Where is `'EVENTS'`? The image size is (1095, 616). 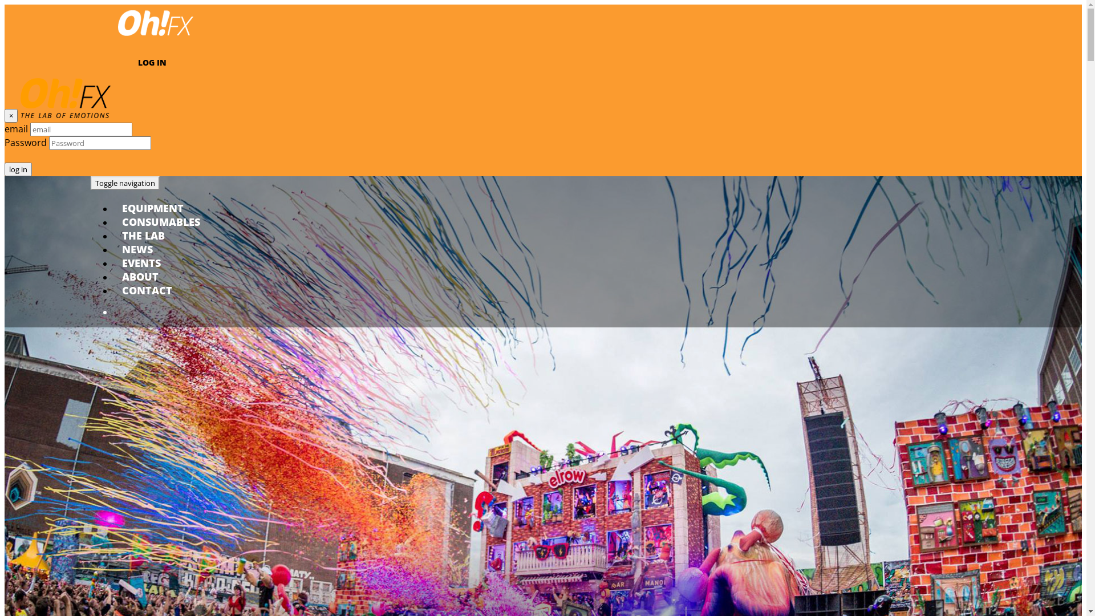 'EVENTS' is located at coordinates (141, 263).